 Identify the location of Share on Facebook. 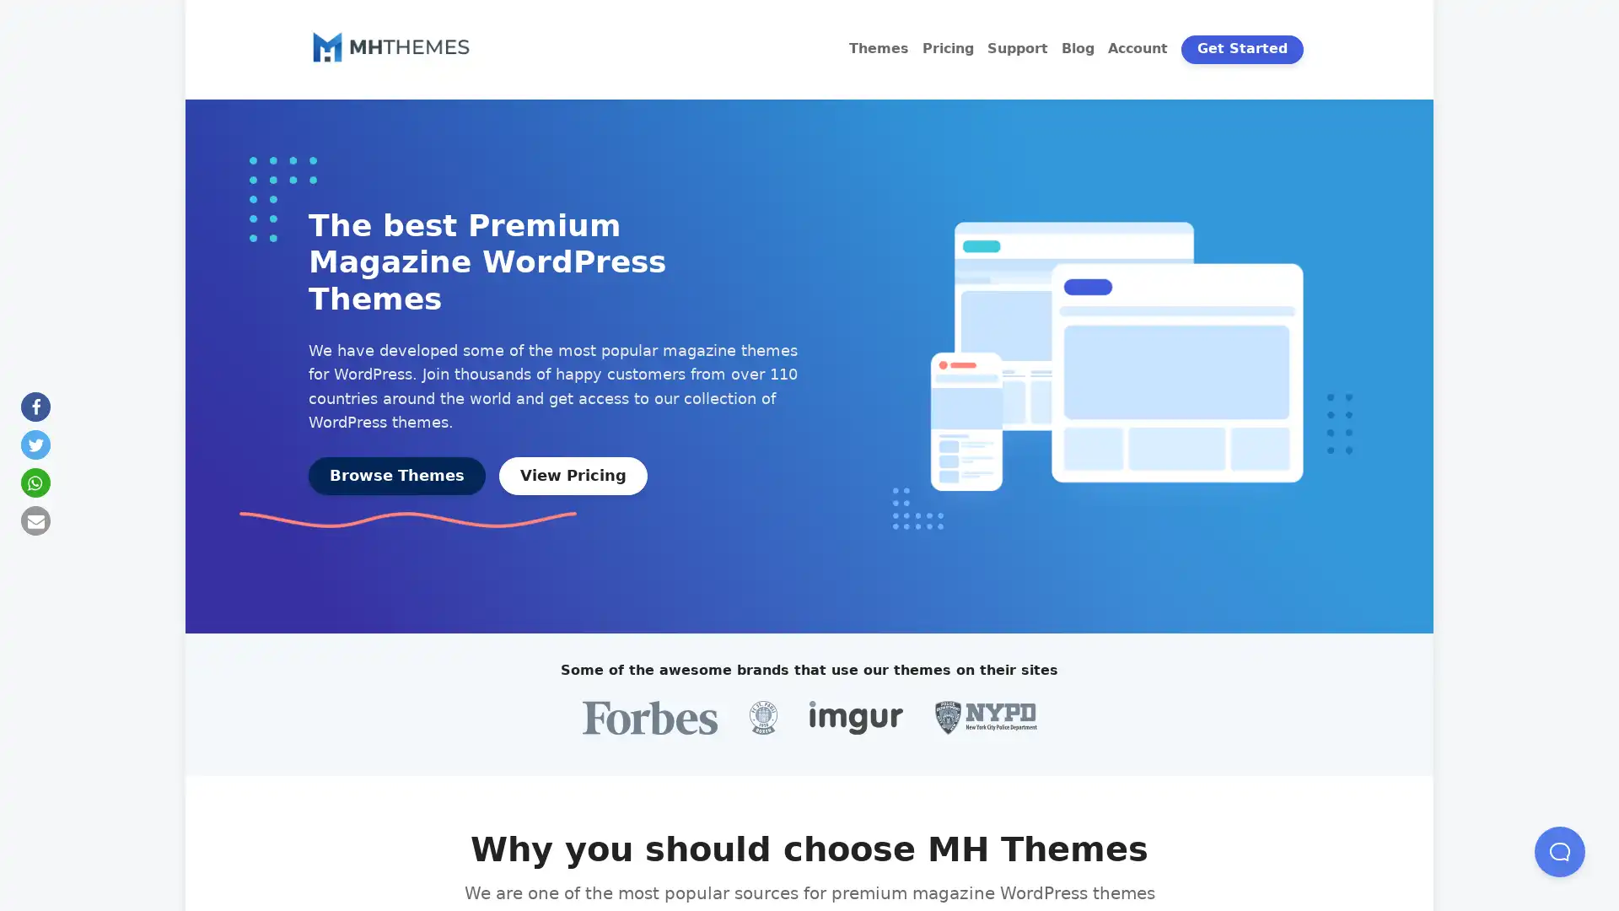
(35, 407).